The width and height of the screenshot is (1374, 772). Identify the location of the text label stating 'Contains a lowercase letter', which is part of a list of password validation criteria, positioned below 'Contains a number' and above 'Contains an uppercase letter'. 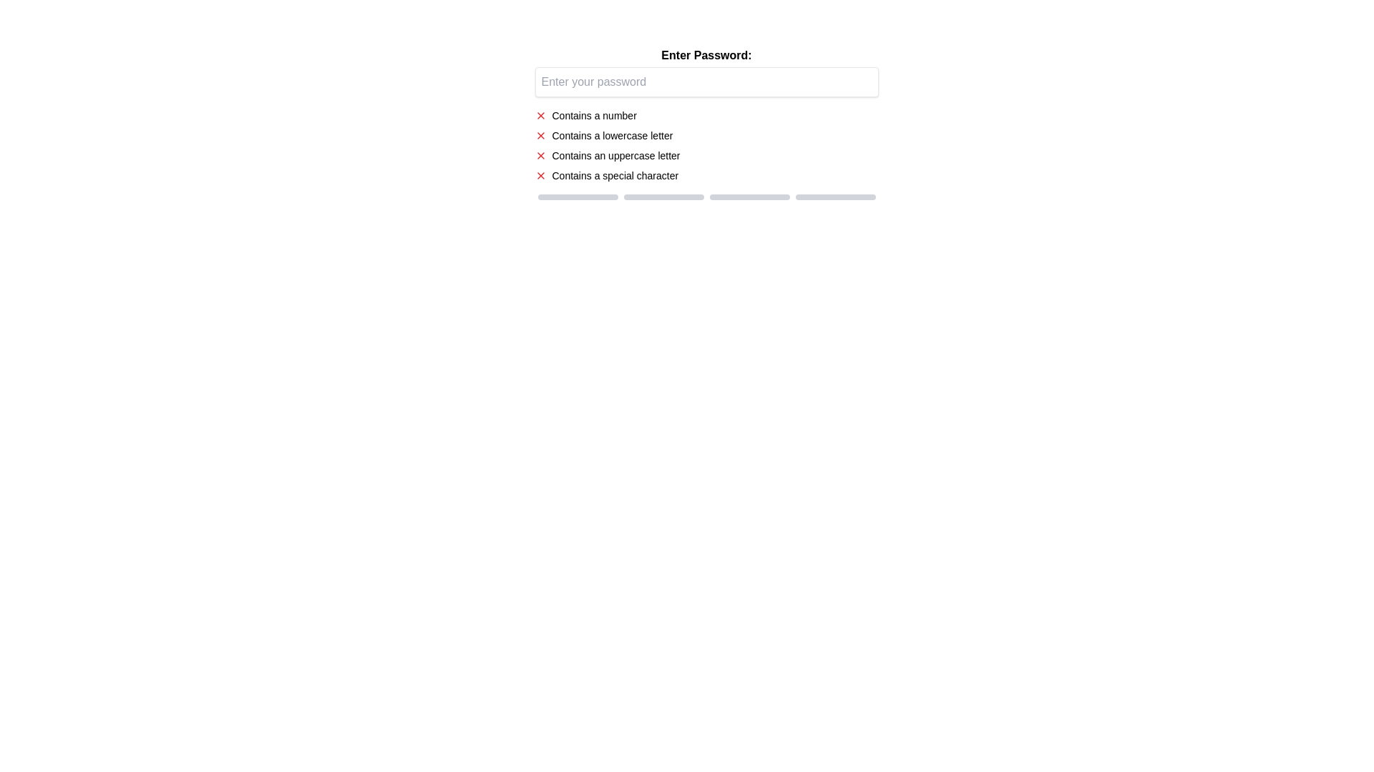
(612, 135).